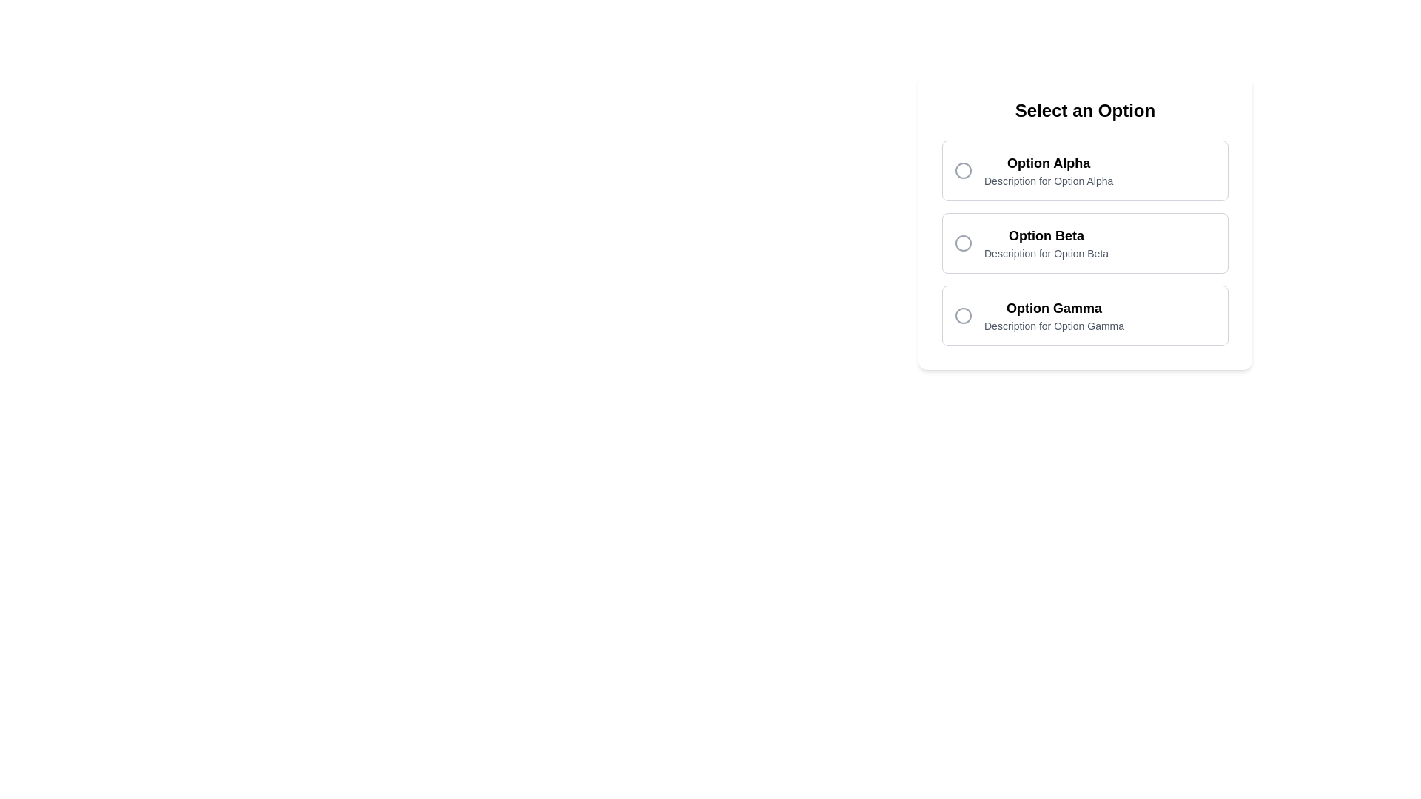 This screenshot has height=799, width=1421. I want to click on the circular radio button indicator for 'Option Alpha', which is styled with a gray outline and positioned next to the label text in the selection group, so click(963, 170).